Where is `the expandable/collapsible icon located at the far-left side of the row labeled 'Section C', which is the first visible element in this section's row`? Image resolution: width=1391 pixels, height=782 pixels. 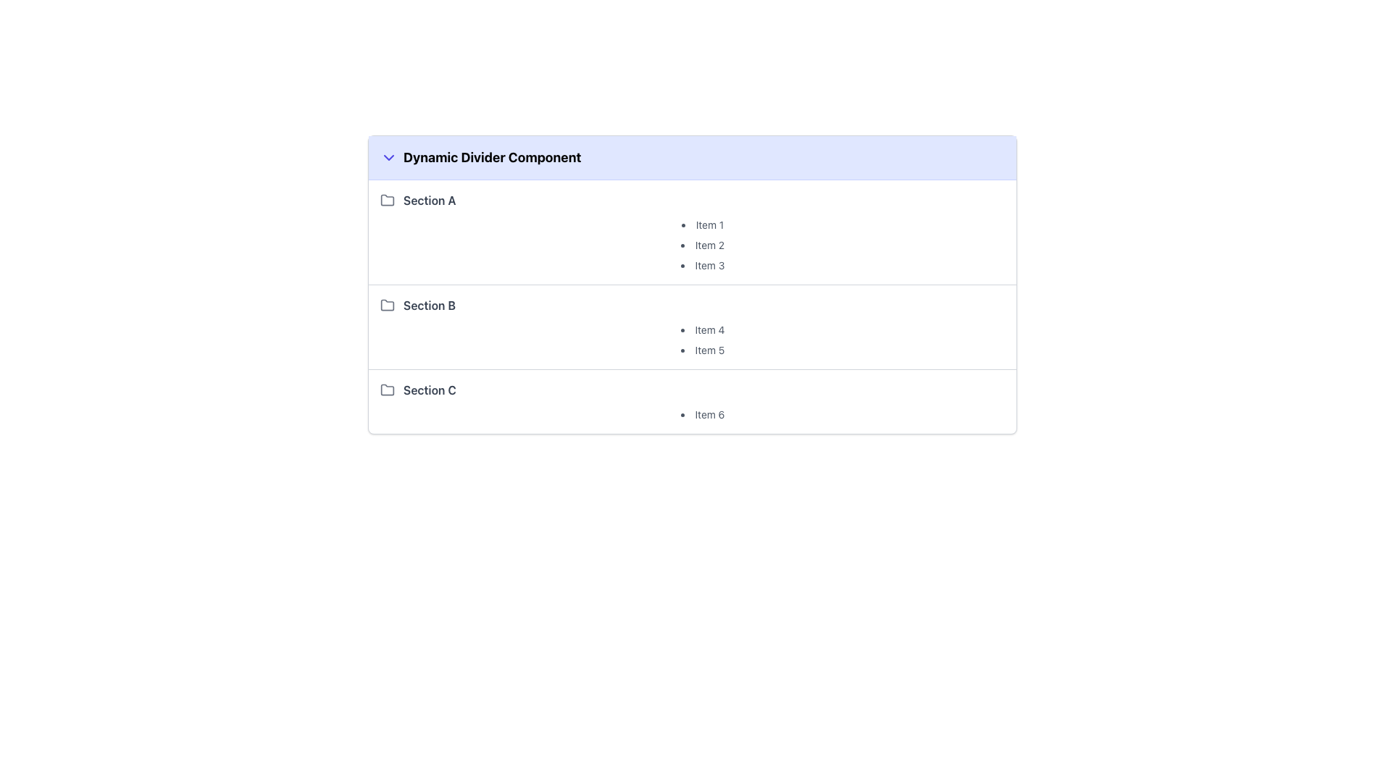
the expandable/collapsible icon located at the far-left side of the row labeled 'Section C', which is the first visible element in this section's row is located at coordinates (387, 390).